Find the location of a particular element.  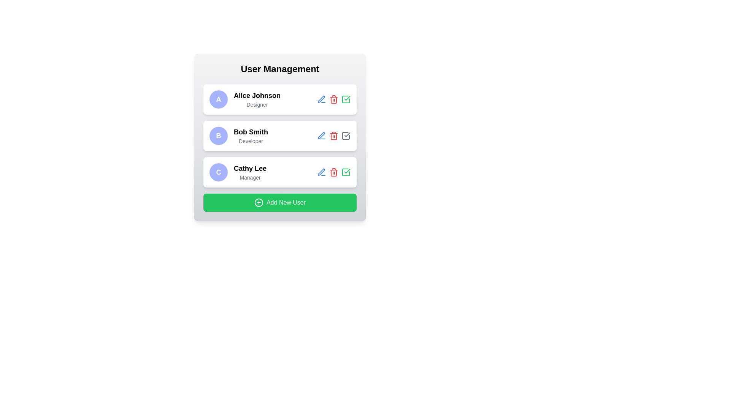

text label displaying the user's name located in the top-left corner of the first user profile card, positioned directly under the circular avatar labeled 'A' is located at coordinates (257, 95).